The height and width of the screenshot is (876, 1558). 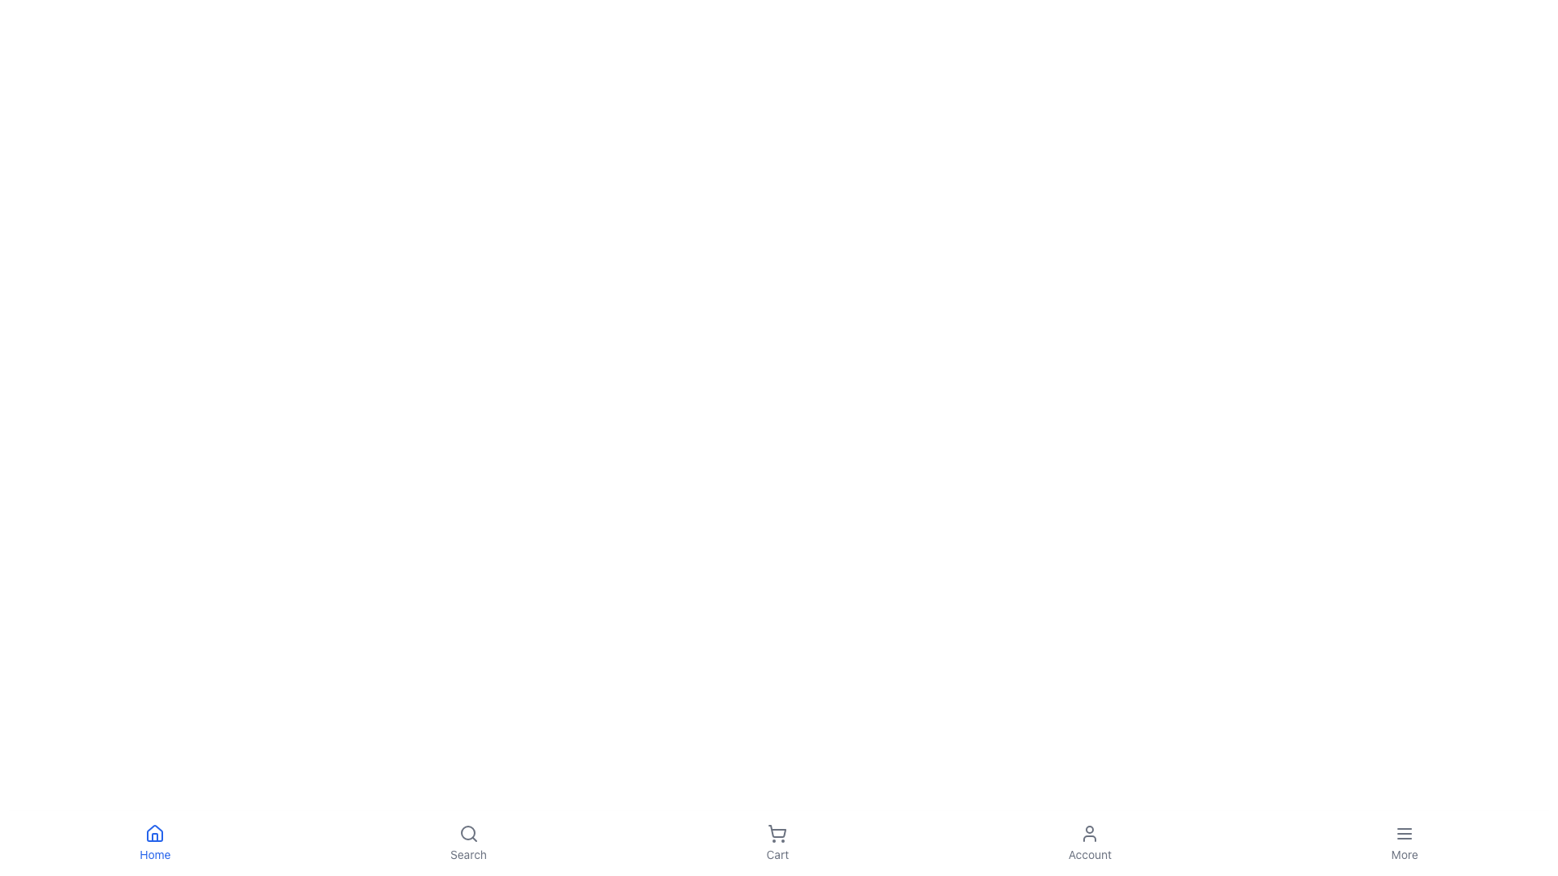 What do you see at coordinates (1090, 843) in the screenshot?
I see `the Navigation button that accesses the user account section, located as the fourth element in the navigation bar between 'Cart' and 'More', to change its color` at bounding box center [1090, 843].